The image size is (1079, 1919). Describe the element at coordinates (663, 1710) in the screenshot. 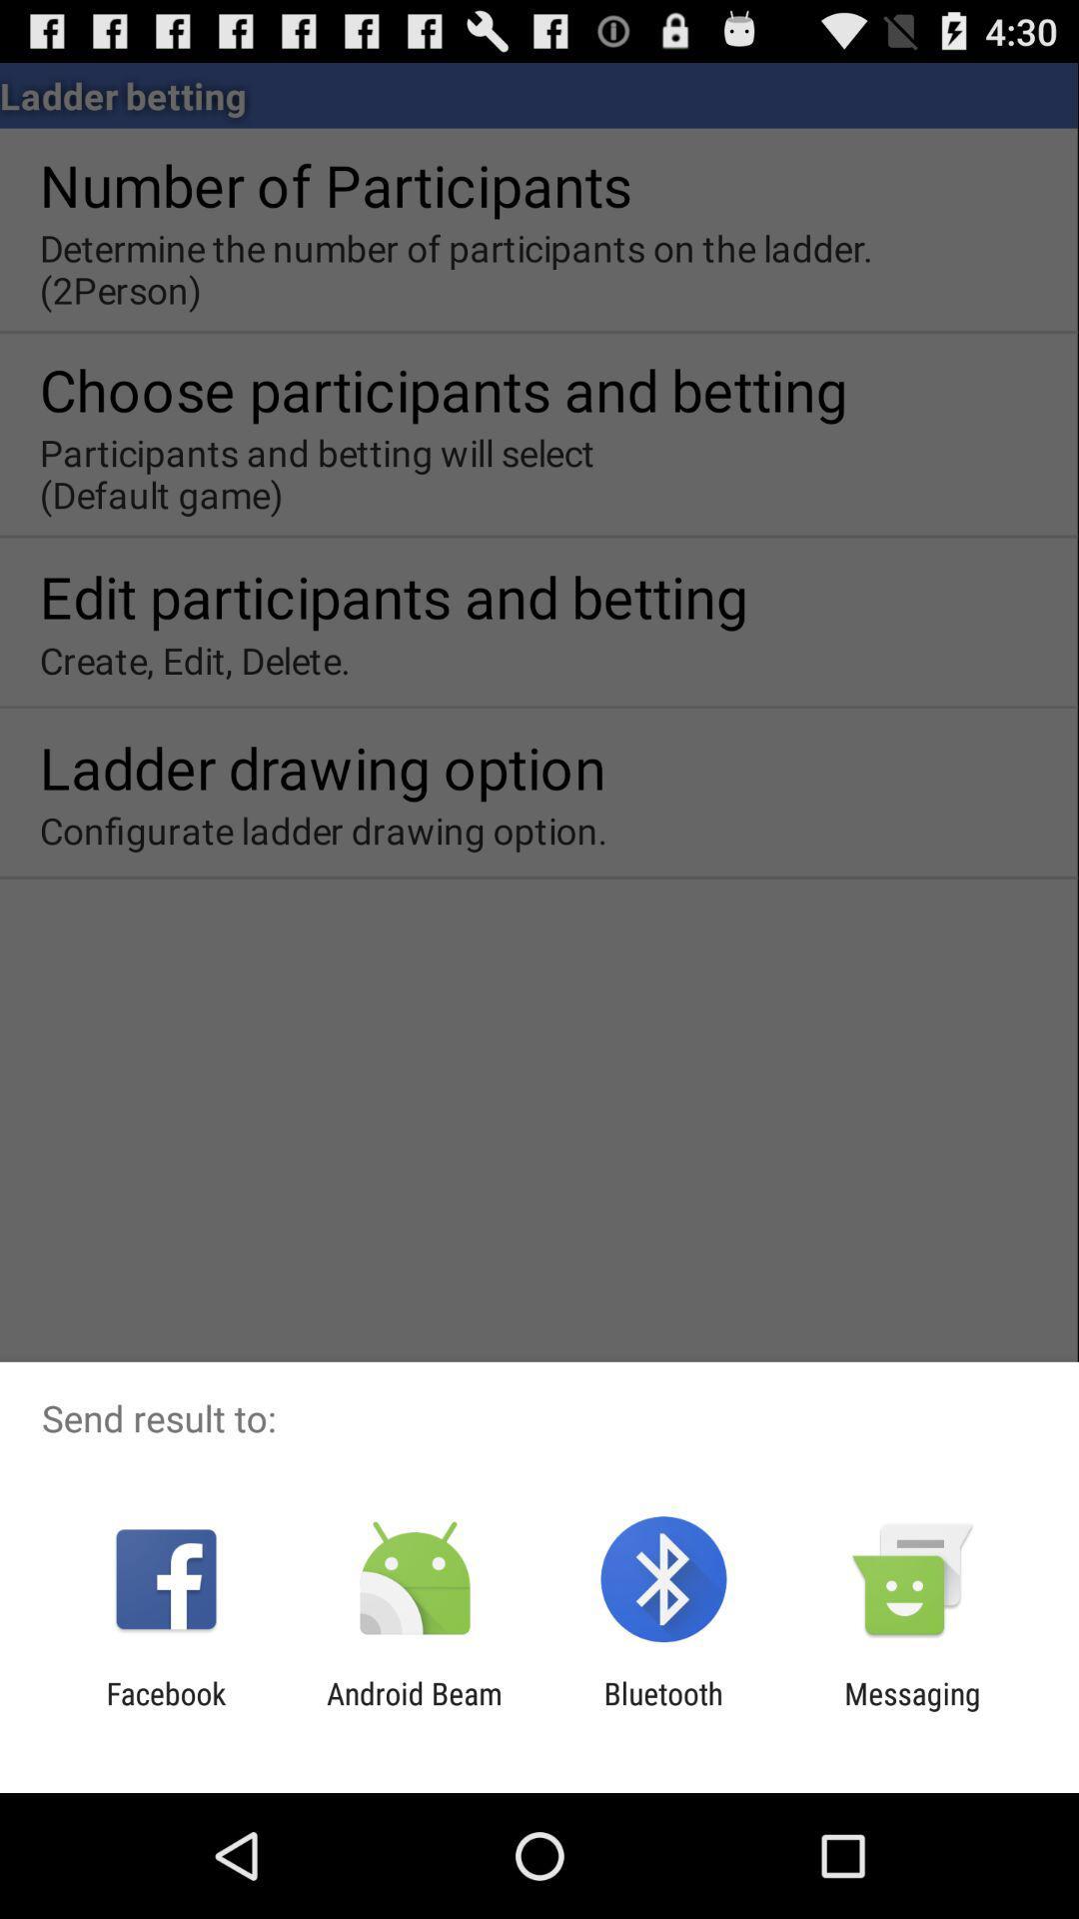

I see `icon to the right of android beam item` at that location.